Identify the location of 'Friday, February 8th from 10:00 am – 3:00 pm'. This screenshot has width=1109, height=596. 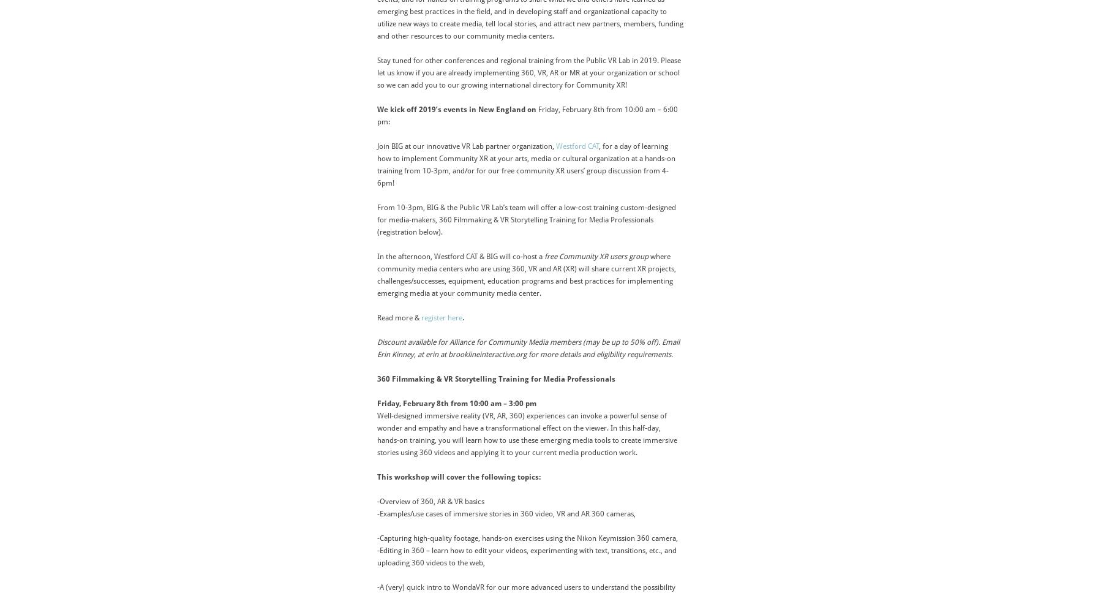
(377, 403).